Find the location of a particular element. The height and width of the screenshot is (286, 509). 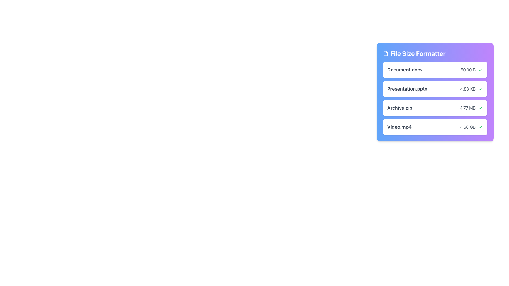

the leftmost text portion of the first row in the vertically stacked list-like component that displays the document file name, located next is located at coordinates (405, 69).